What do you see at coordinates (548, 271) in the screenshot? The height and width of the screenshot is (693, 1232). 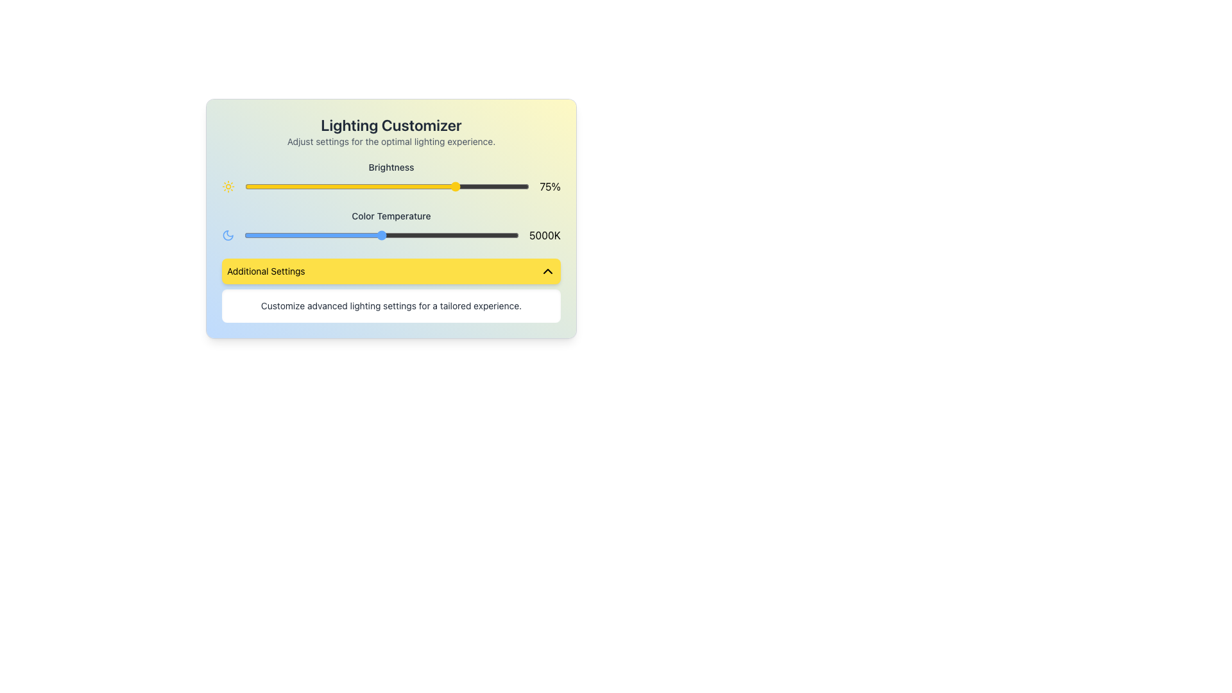 I see `the icon that indicates the expandable or collapsible section of the 'Additional Settings'` at bounding box center [548, 271].